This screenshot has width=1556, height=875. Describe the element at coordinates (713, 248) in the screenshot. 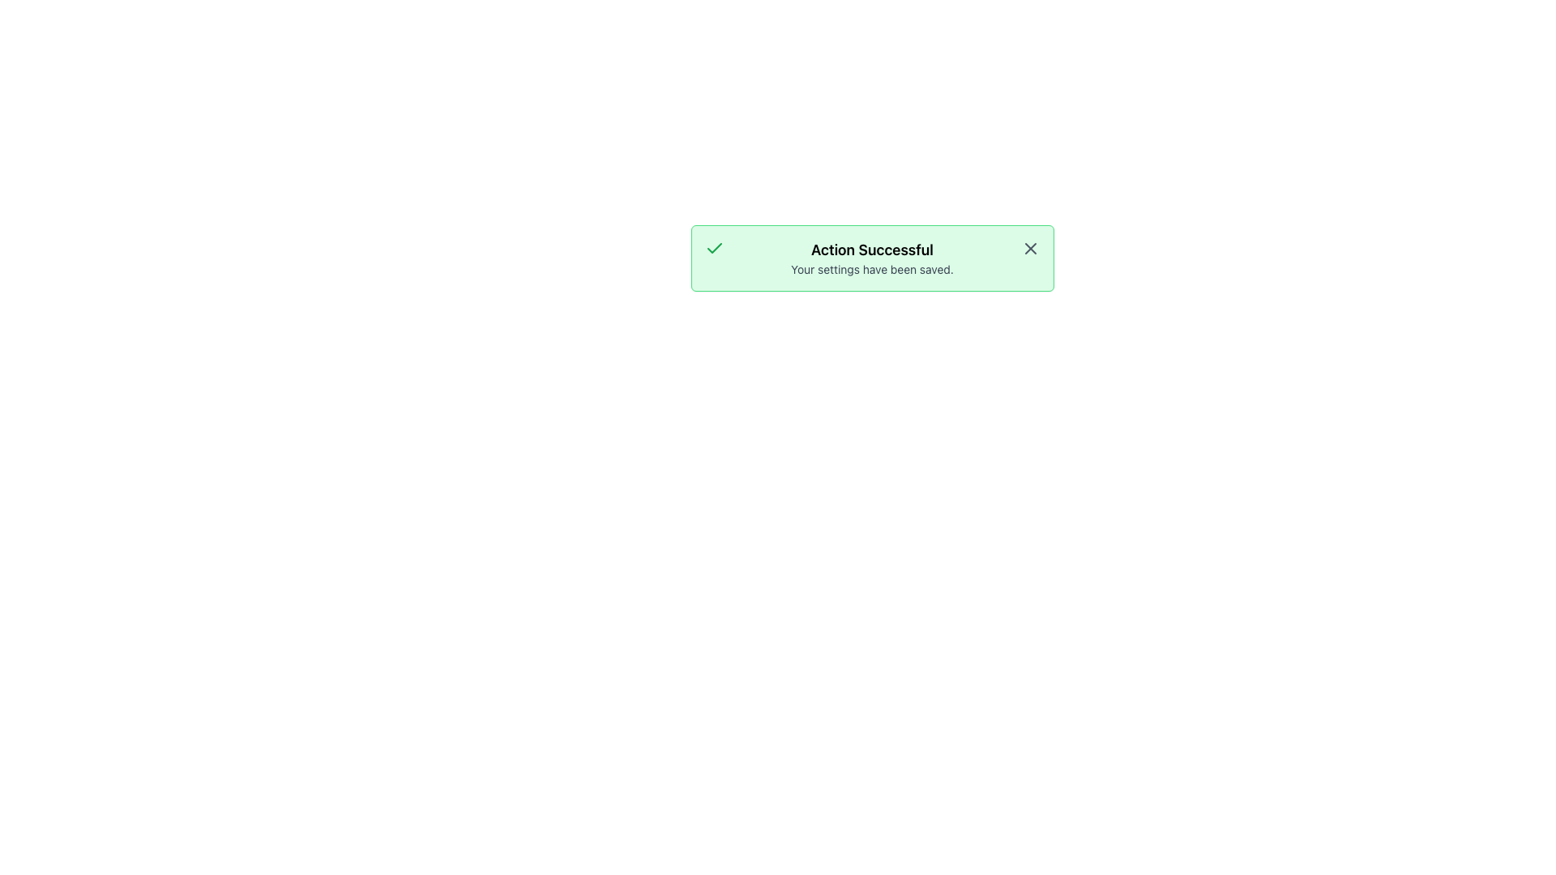

I see `the checkmark icon that indicates successful completion, located on the left side of the message box labeled 'Action Successful' within a green notification banner` at that location.